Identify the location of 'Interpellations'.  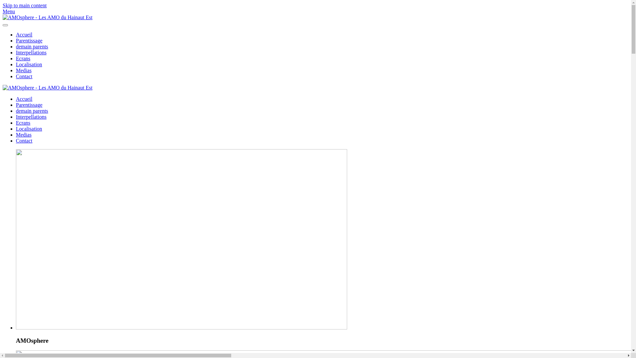
(31, 116).